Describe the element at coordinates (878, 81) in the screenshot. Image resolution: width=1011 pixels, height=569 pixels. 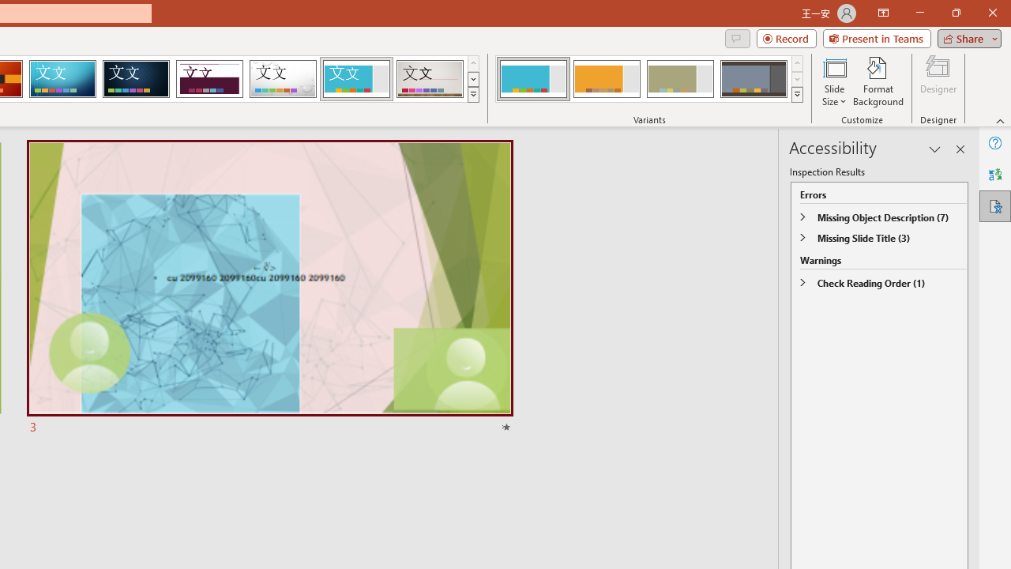
I see `'Format Background'` at that location.